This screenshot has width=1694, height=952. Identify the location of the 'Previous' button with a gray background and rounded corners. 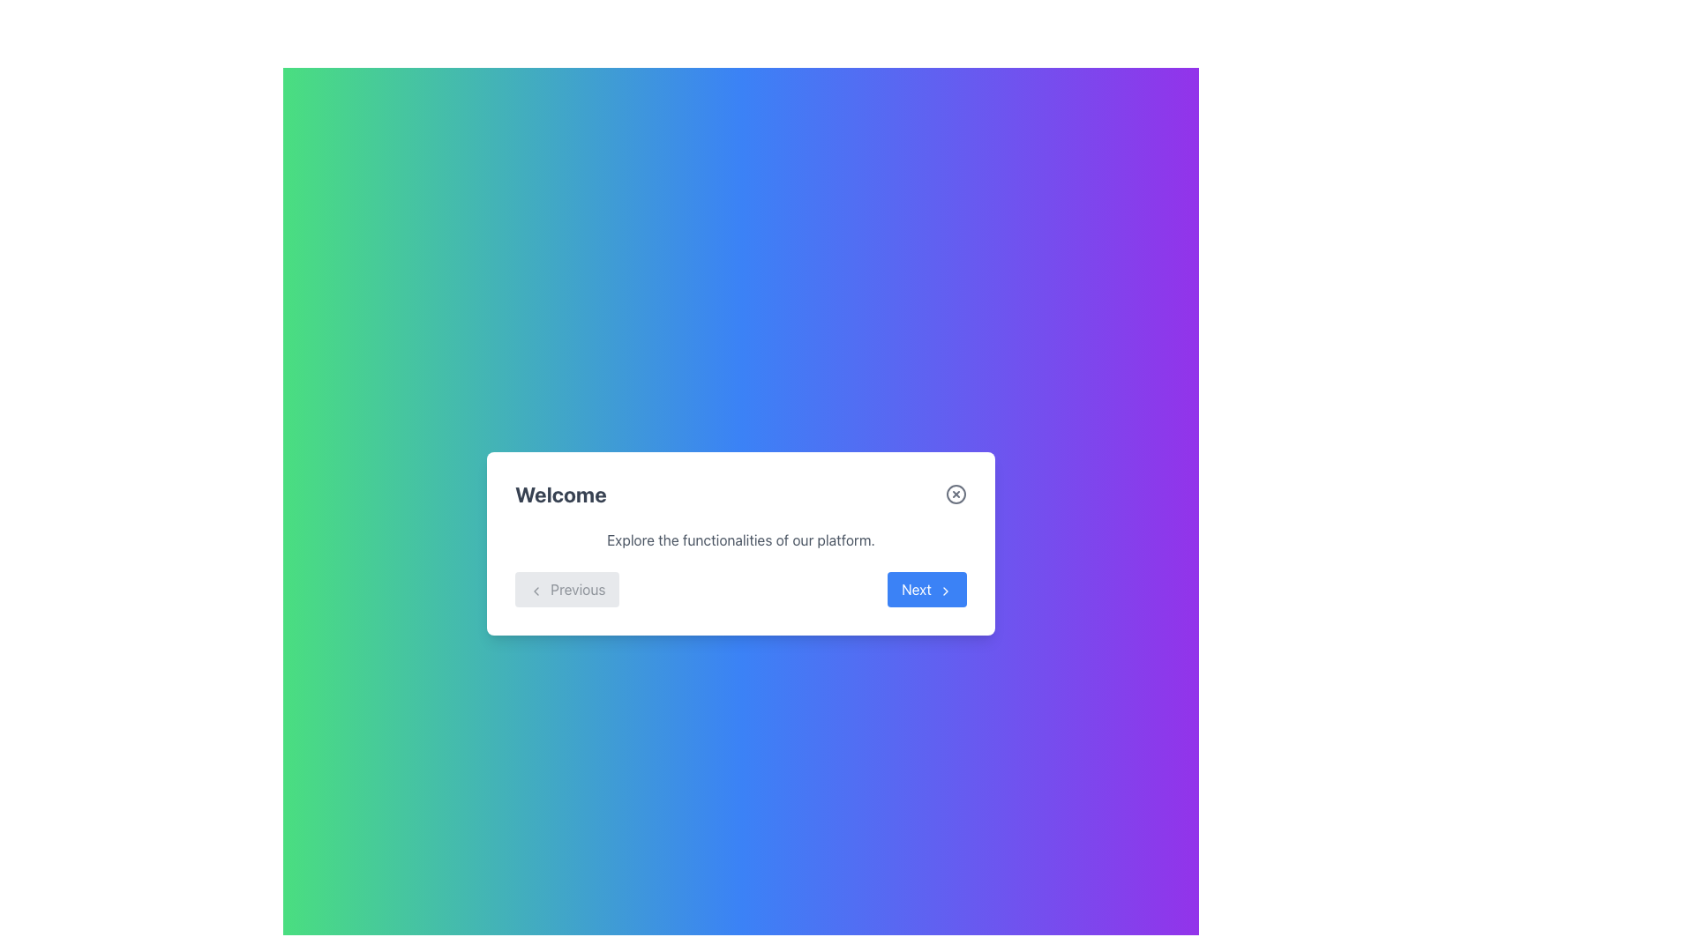
(567, 589).